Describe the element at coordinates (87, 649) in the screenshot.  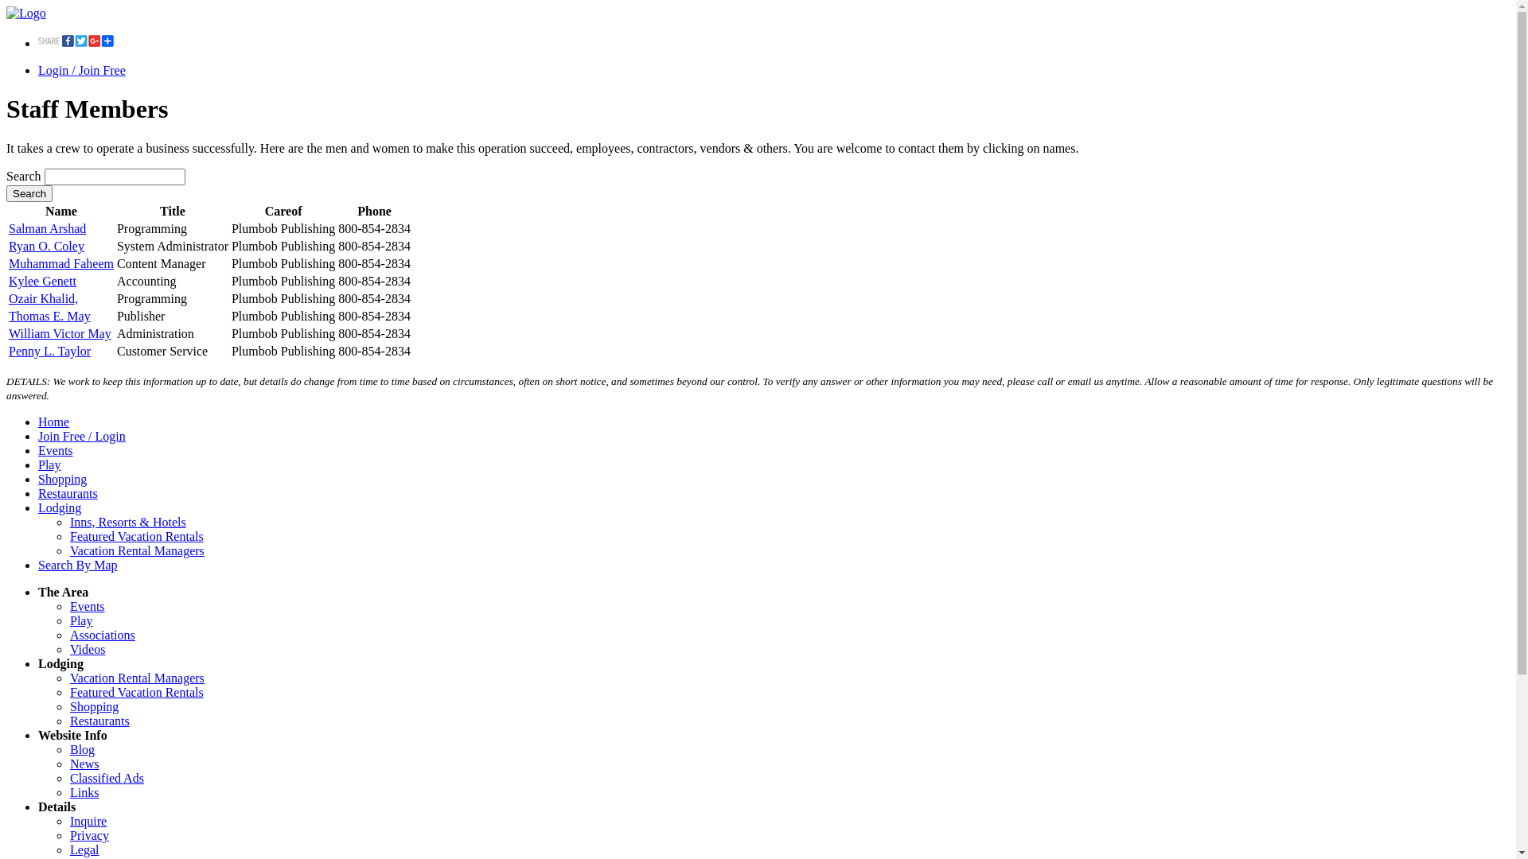
I see `'Videos'` at that location.